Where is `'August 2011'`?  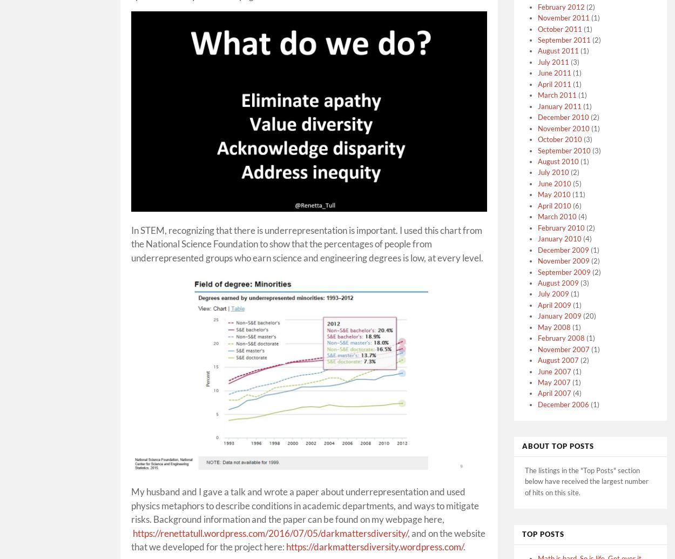 'August 2011' is located at coordinates (558, 50).